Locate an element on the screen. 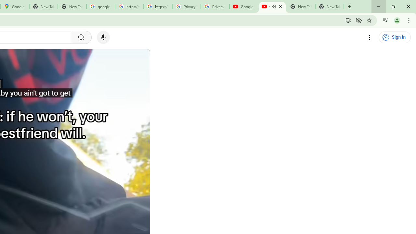  'Sign in' is located at coordinates (394, 37).